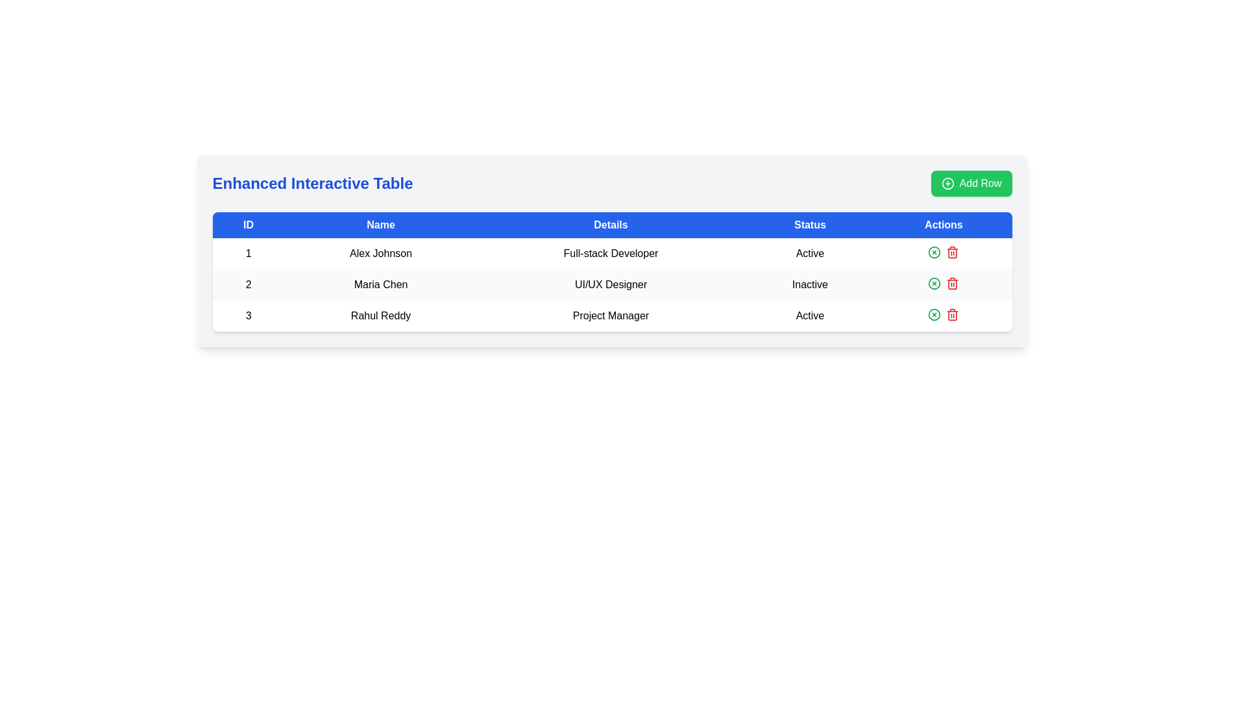 The width and height of the screenshot is (1246, 701). I want to click on the table cell that serves as an identifier for the entry in the first row under the 'ID' header, so click(249, 253).